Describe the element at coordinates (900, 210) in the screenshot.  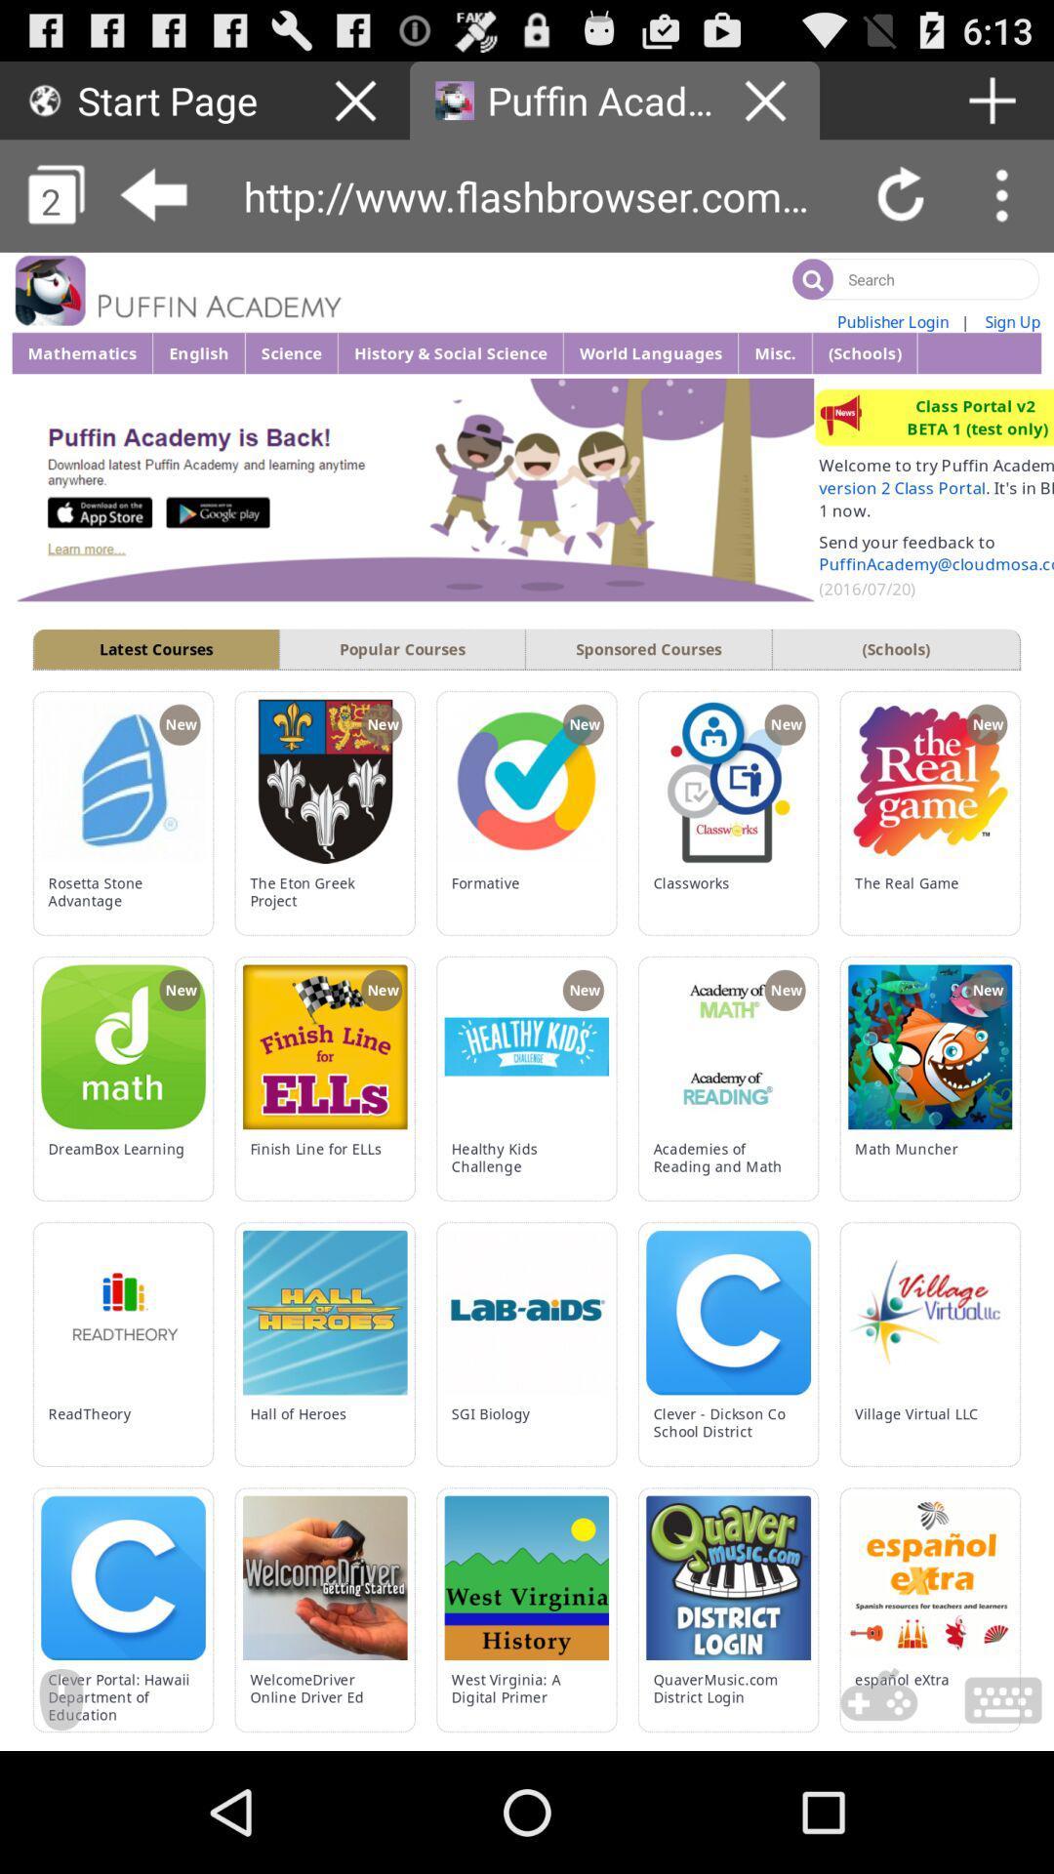
I see `the refresh icon` at that location.